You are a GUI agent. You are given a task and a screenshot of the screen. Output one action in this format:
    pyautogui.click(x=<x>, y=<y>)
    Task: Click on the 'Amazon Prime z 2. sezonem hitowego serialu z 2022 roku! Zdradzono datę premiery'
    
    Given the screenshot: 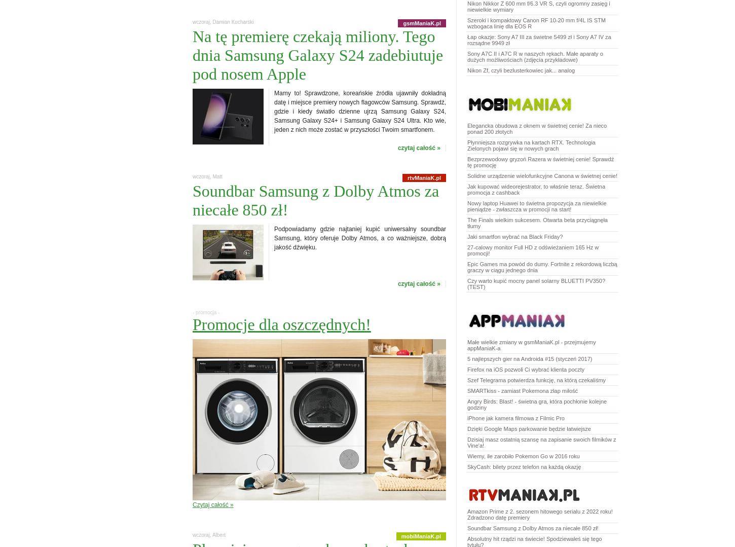 What is the action you would take?
    pyautogui.click(x=540, y=515)
    